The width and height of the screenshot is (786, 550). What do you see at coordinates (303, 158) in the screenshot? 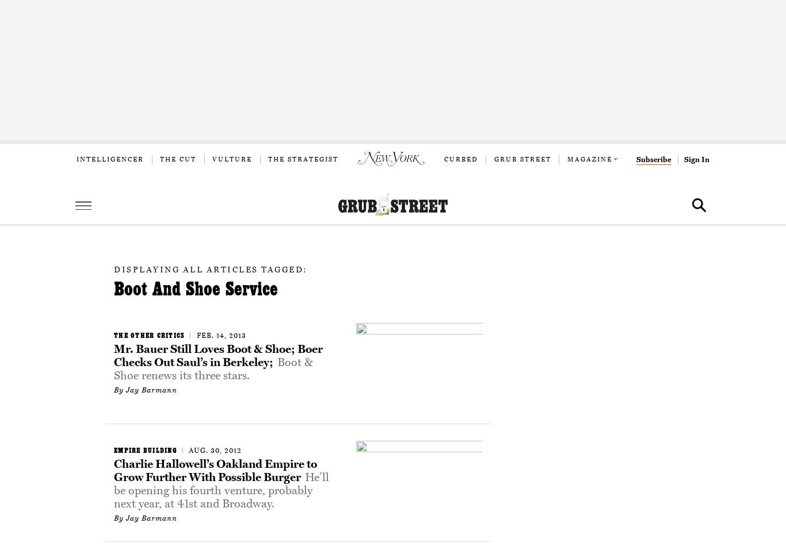
I see `'The Strategist'` at bounding box center [303, 158].